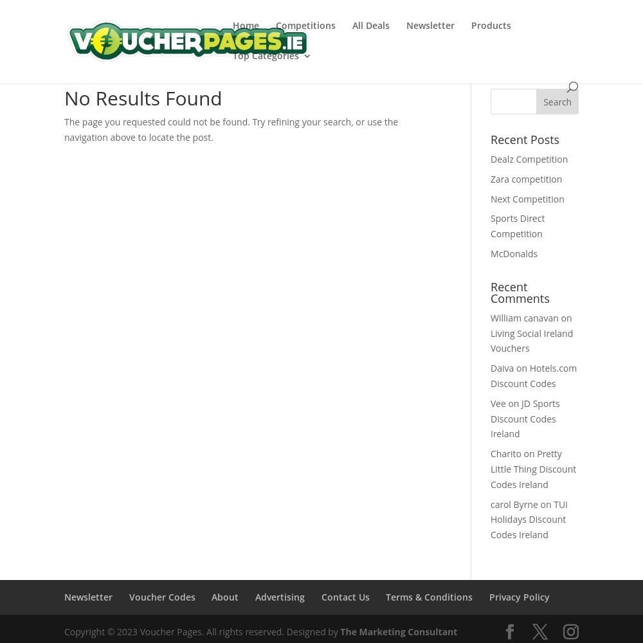 This screenshot has height=643, width=643. I want to click on 'Copyright © 2023 Voucher Pages. All rights reserved.
Designed by', so click(201, 630).